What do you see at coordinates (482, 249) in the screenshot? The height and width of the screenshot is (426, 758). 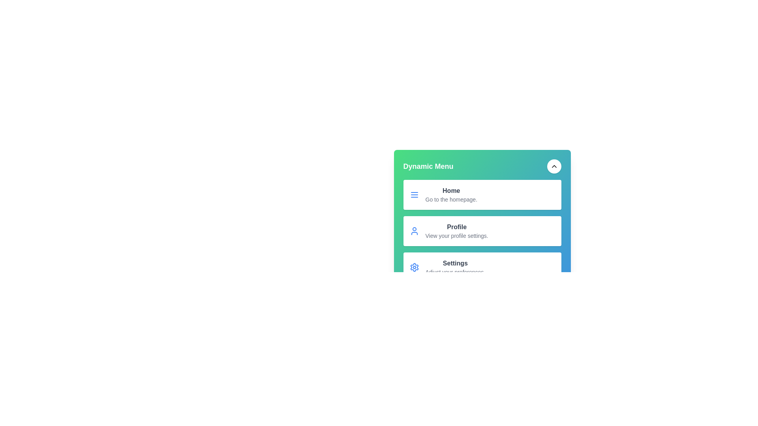 I see `the second menu item in the vertical navigation menu` at bounding box center [482, 249].